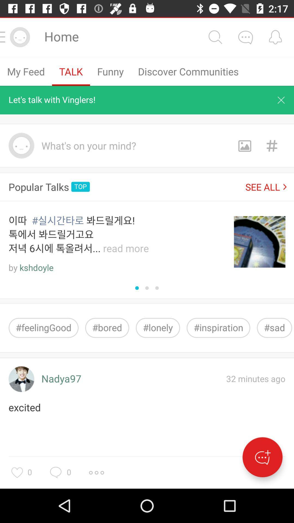 The image size is (294, 523). What do you see at coordinates (275, 37) in the screenshot?
I see `shows bell icon` at bounding box center [275, 37].